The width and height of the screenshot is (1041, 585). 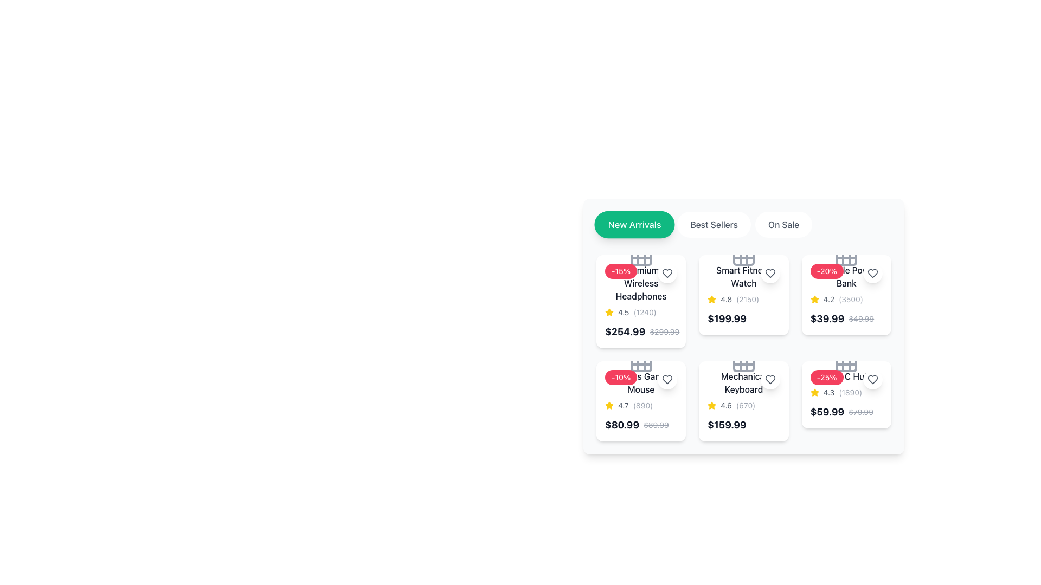 I want to click on the heart icon located, so click(x=769, y=379).